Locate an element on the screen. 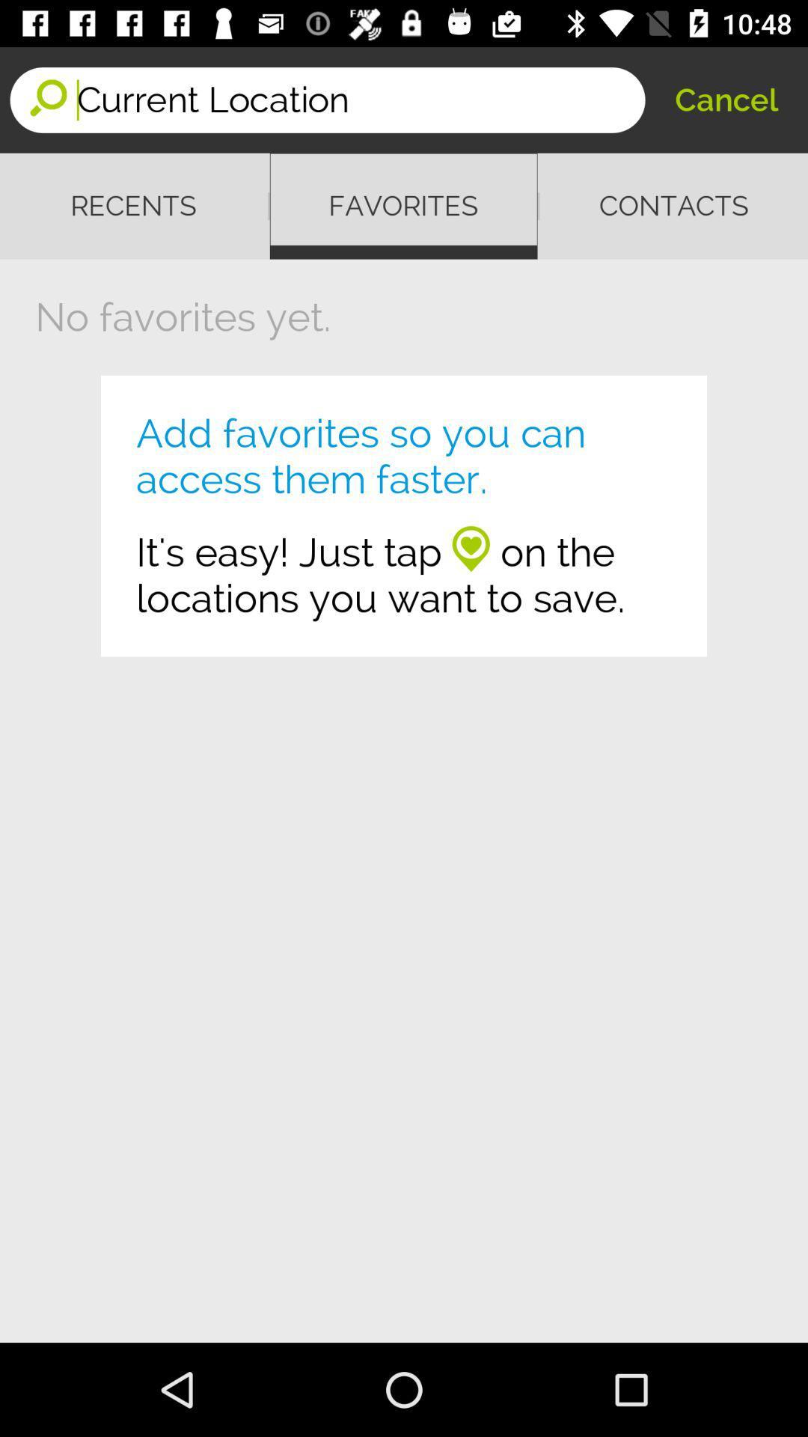 The width and height of the screenshot is (808, 1437). item next to current location is located at coordinates (726, 99).